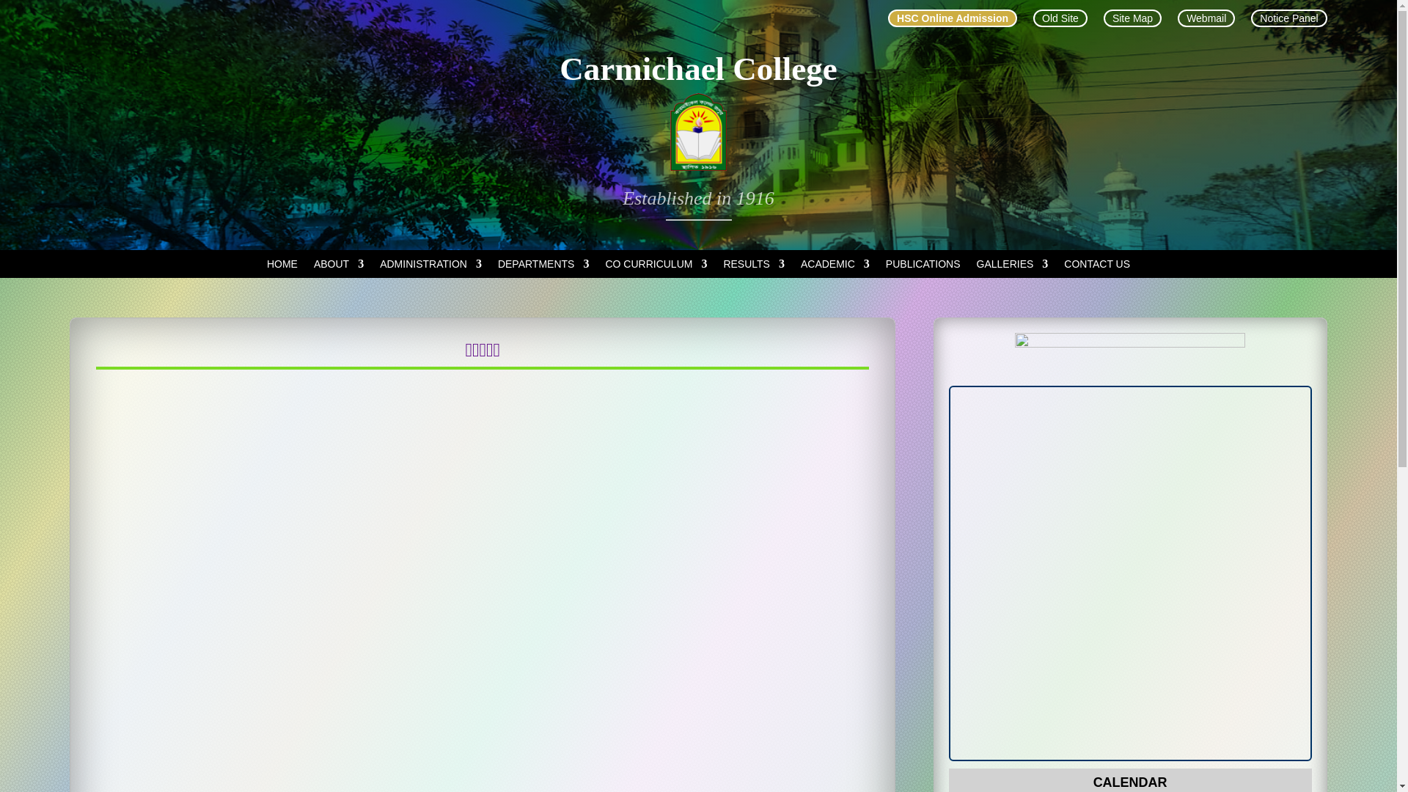  What do you see at coordinates (430, 266) in the screenshot?
I see `'ADMINISTRATION'` at bounding box center [430, 266].